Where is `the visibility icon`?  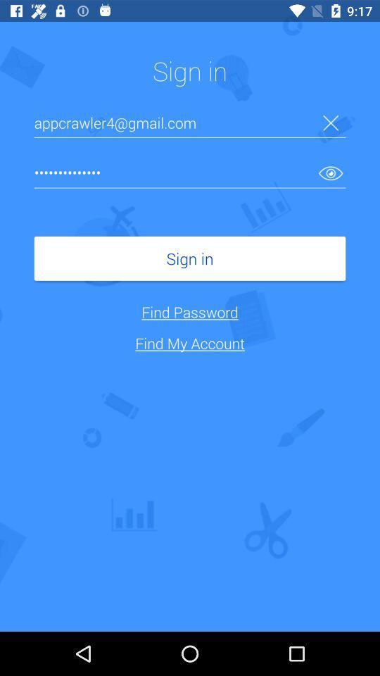 the visibility icon is located at coordinates (331, 172).